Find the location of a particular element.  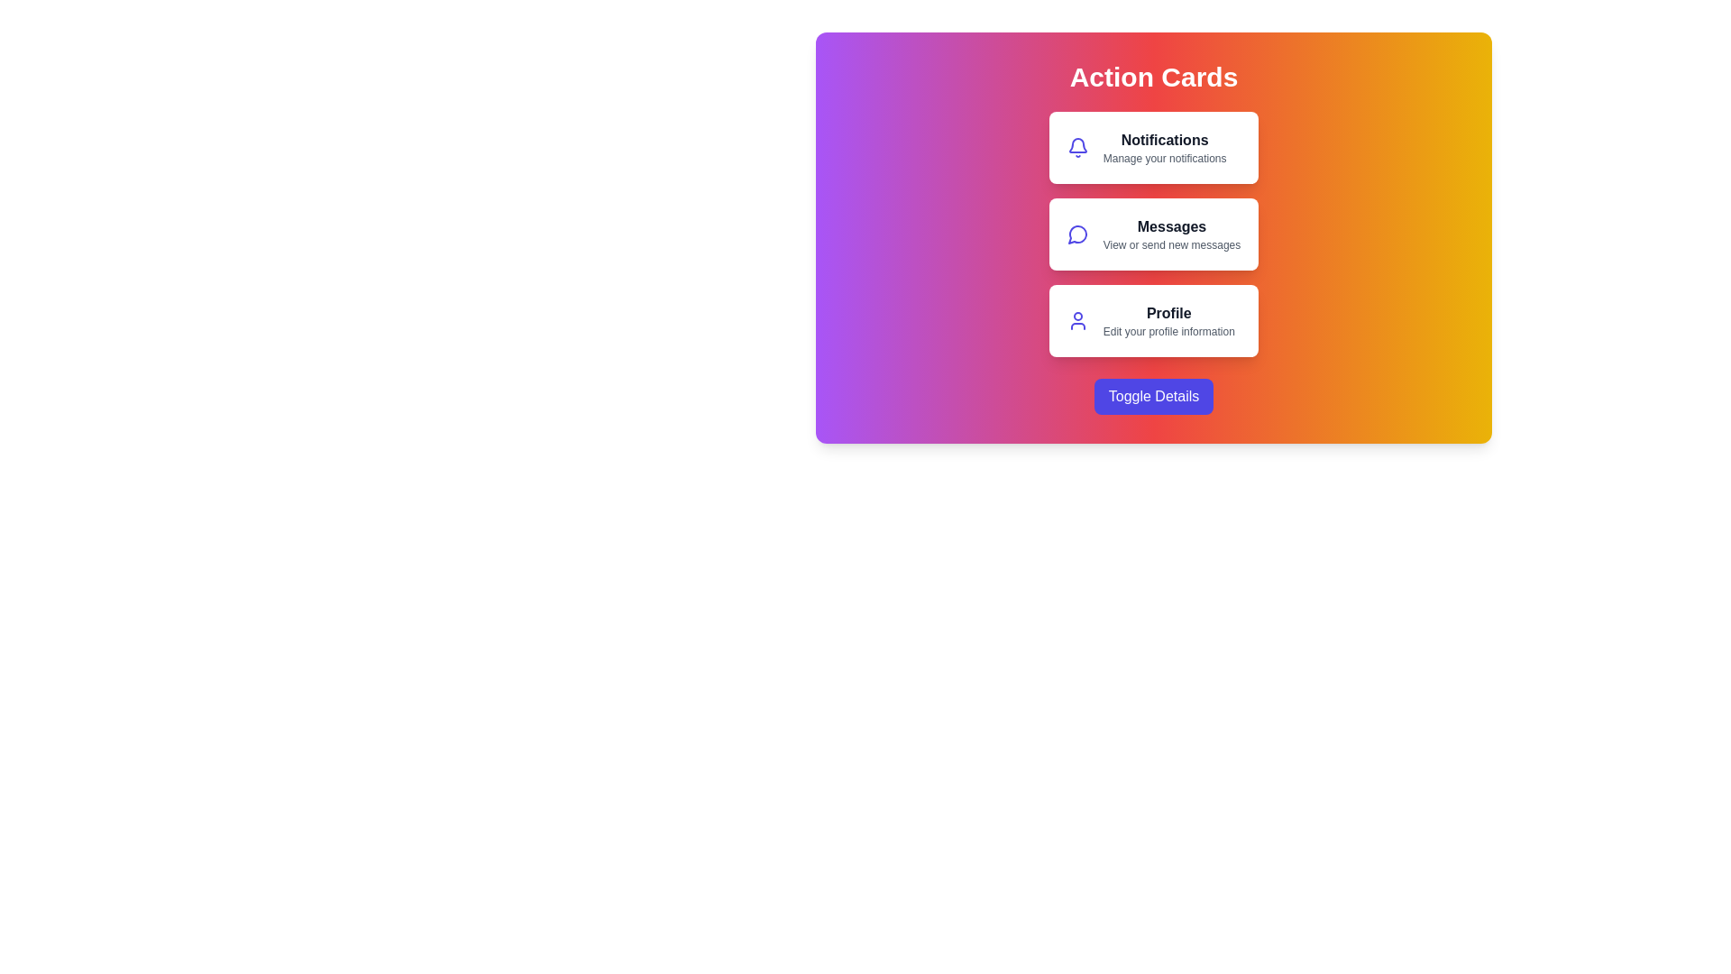

the Text element displaying 'Action Cards', which is a bold, large white text on a colorful gradient background, positioned at the top of a section containing interactive cards is located at coordinates (1154, 76).